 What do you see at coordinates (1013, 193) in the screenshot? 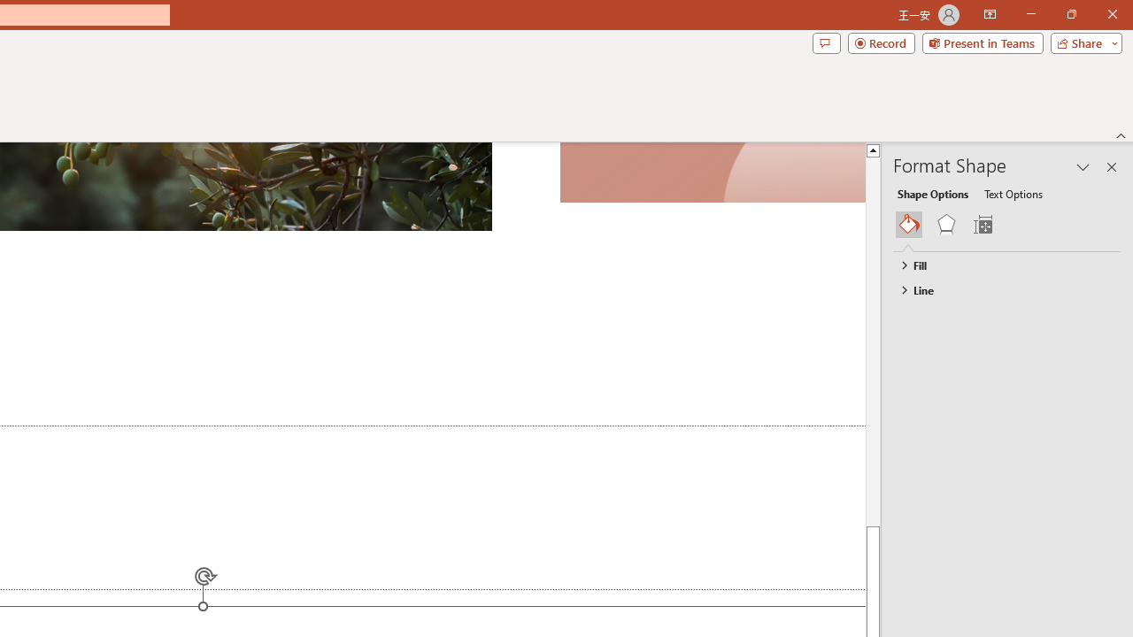
I see `'Text Options'` at bounding box center [1013, 193].